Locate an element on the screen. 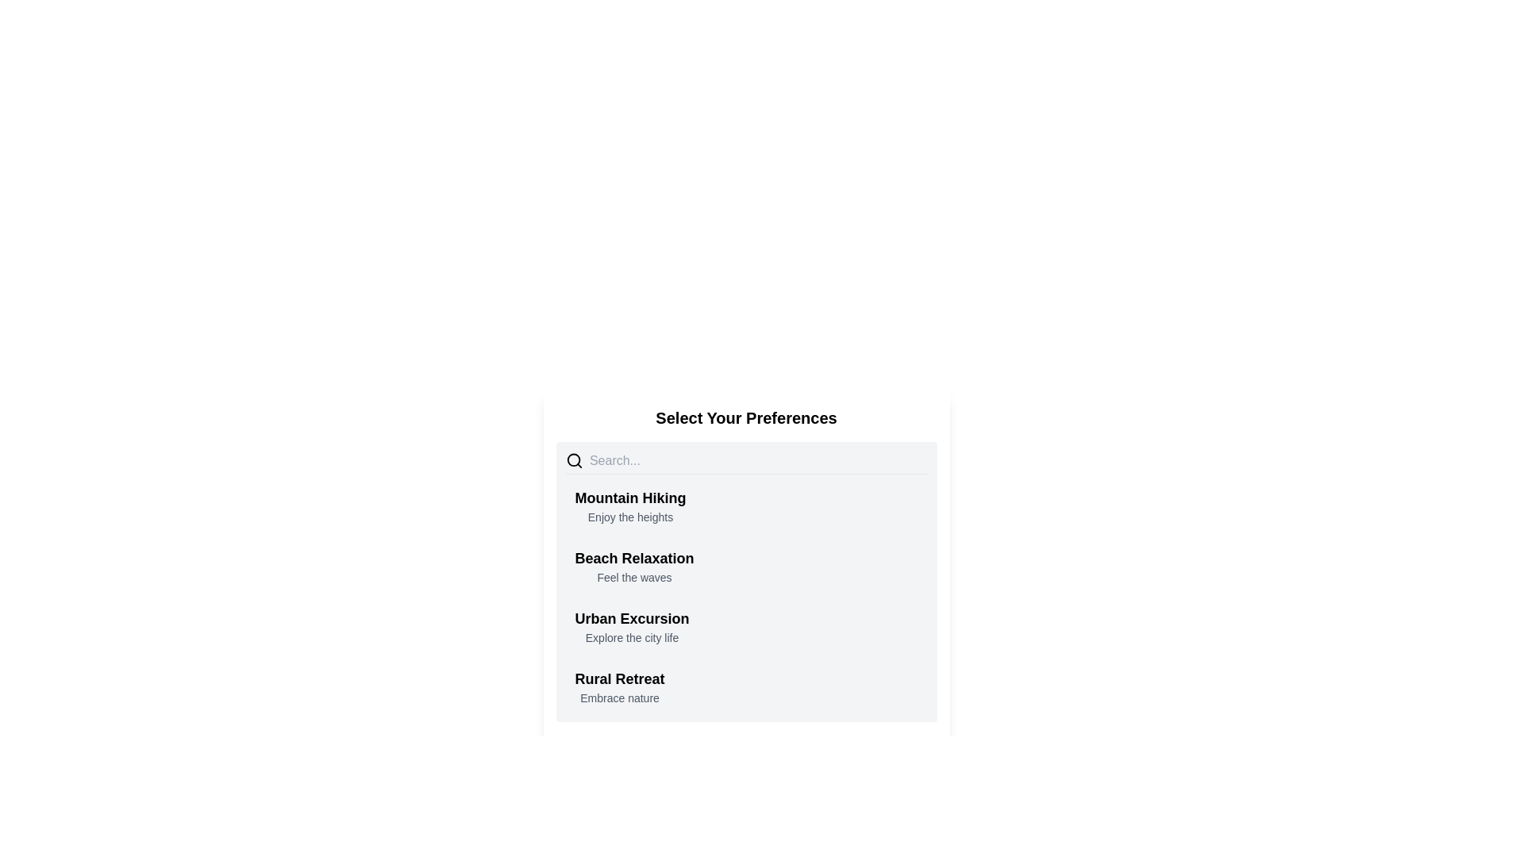 Image resolution: width=1524 pixels, height=857 pixels. the text label displaying 'Urban Excursion', which is prominently placed in a bold font at the top of a preferences selection list is located at coordinates (631, 617).